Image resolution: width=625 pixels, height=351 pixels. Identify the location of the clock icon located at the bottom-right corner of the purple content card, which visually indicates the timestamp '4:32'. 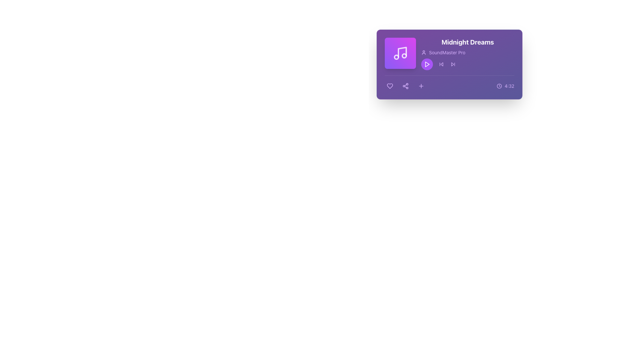
(499, 86).